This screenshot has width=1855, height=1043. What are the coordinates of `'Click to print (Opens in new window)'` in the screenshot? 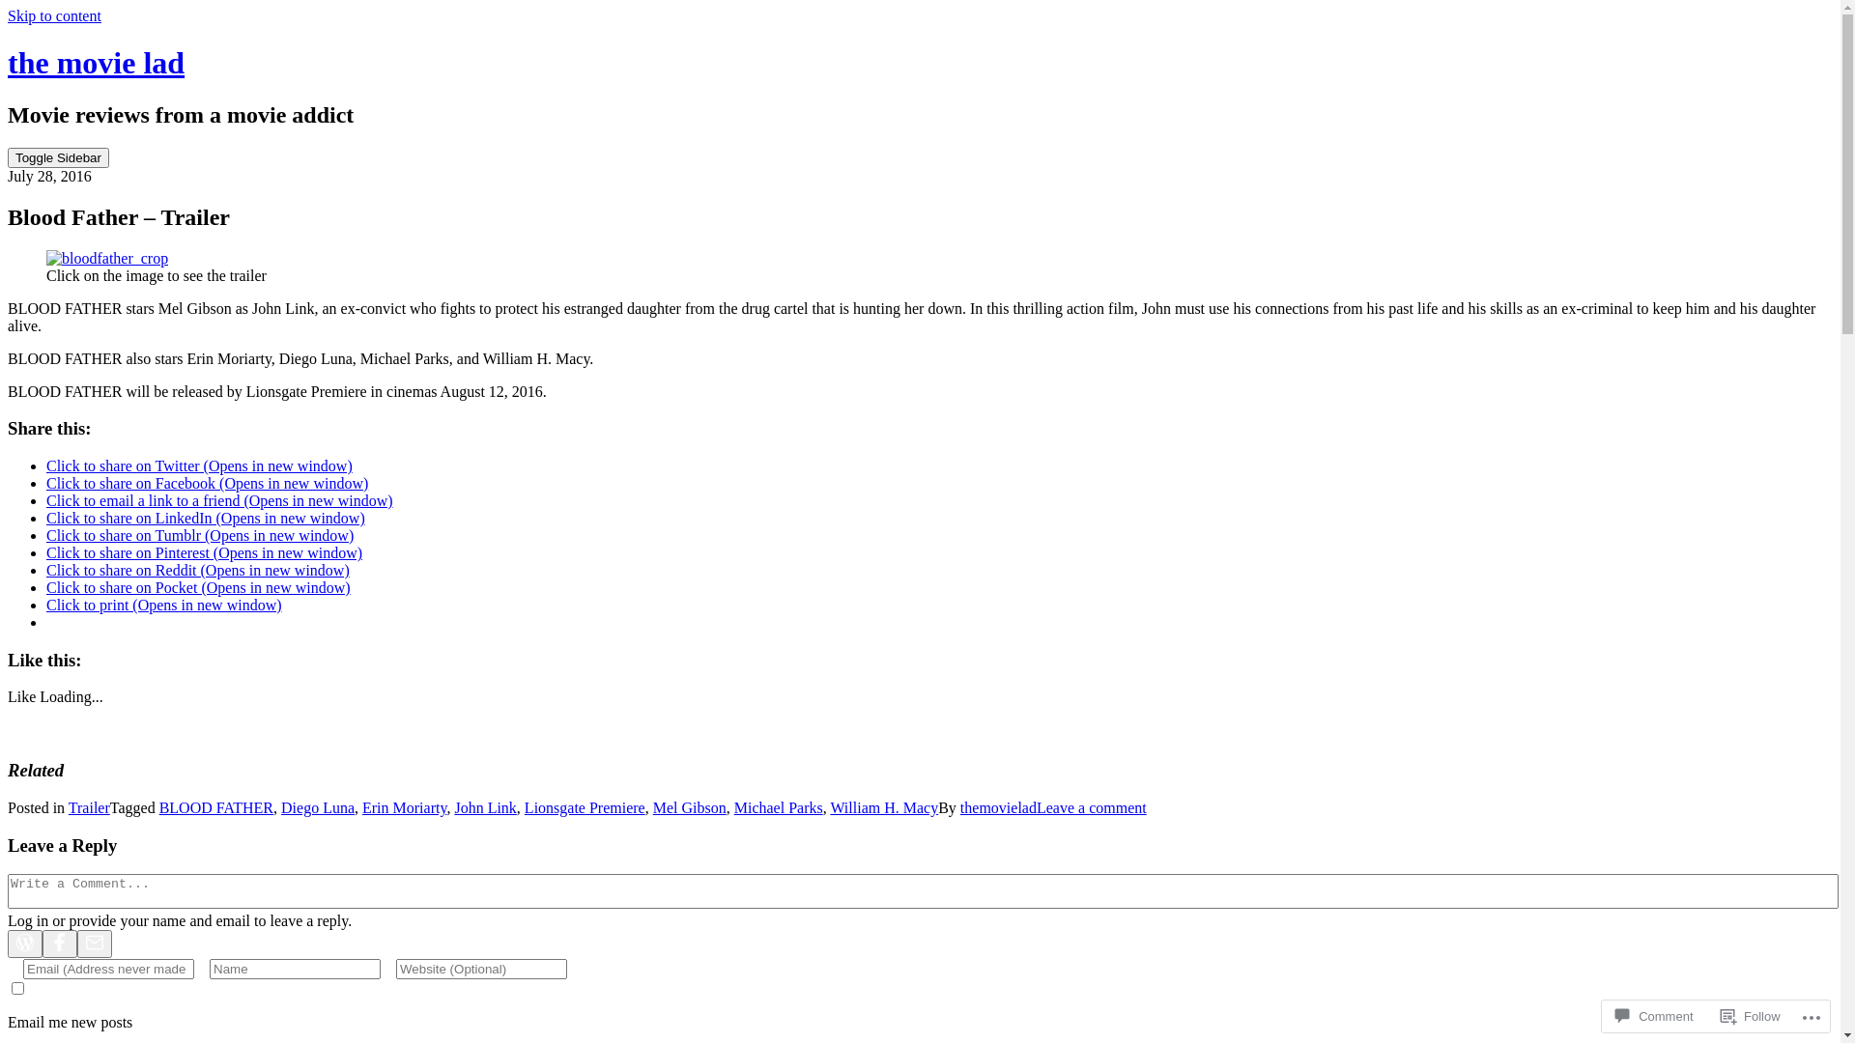 It's located at (163, 604).